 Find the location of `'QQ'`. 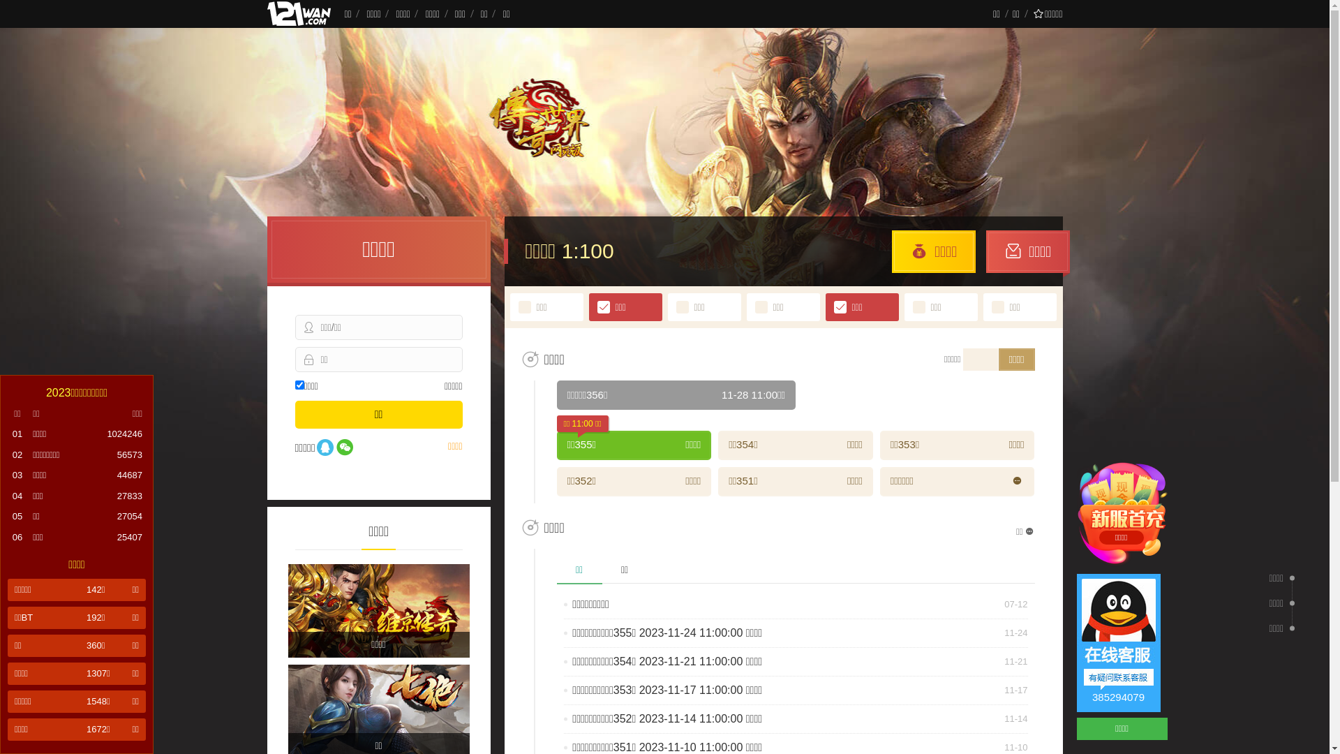

'QQ' is located at coordinates (324, 448).